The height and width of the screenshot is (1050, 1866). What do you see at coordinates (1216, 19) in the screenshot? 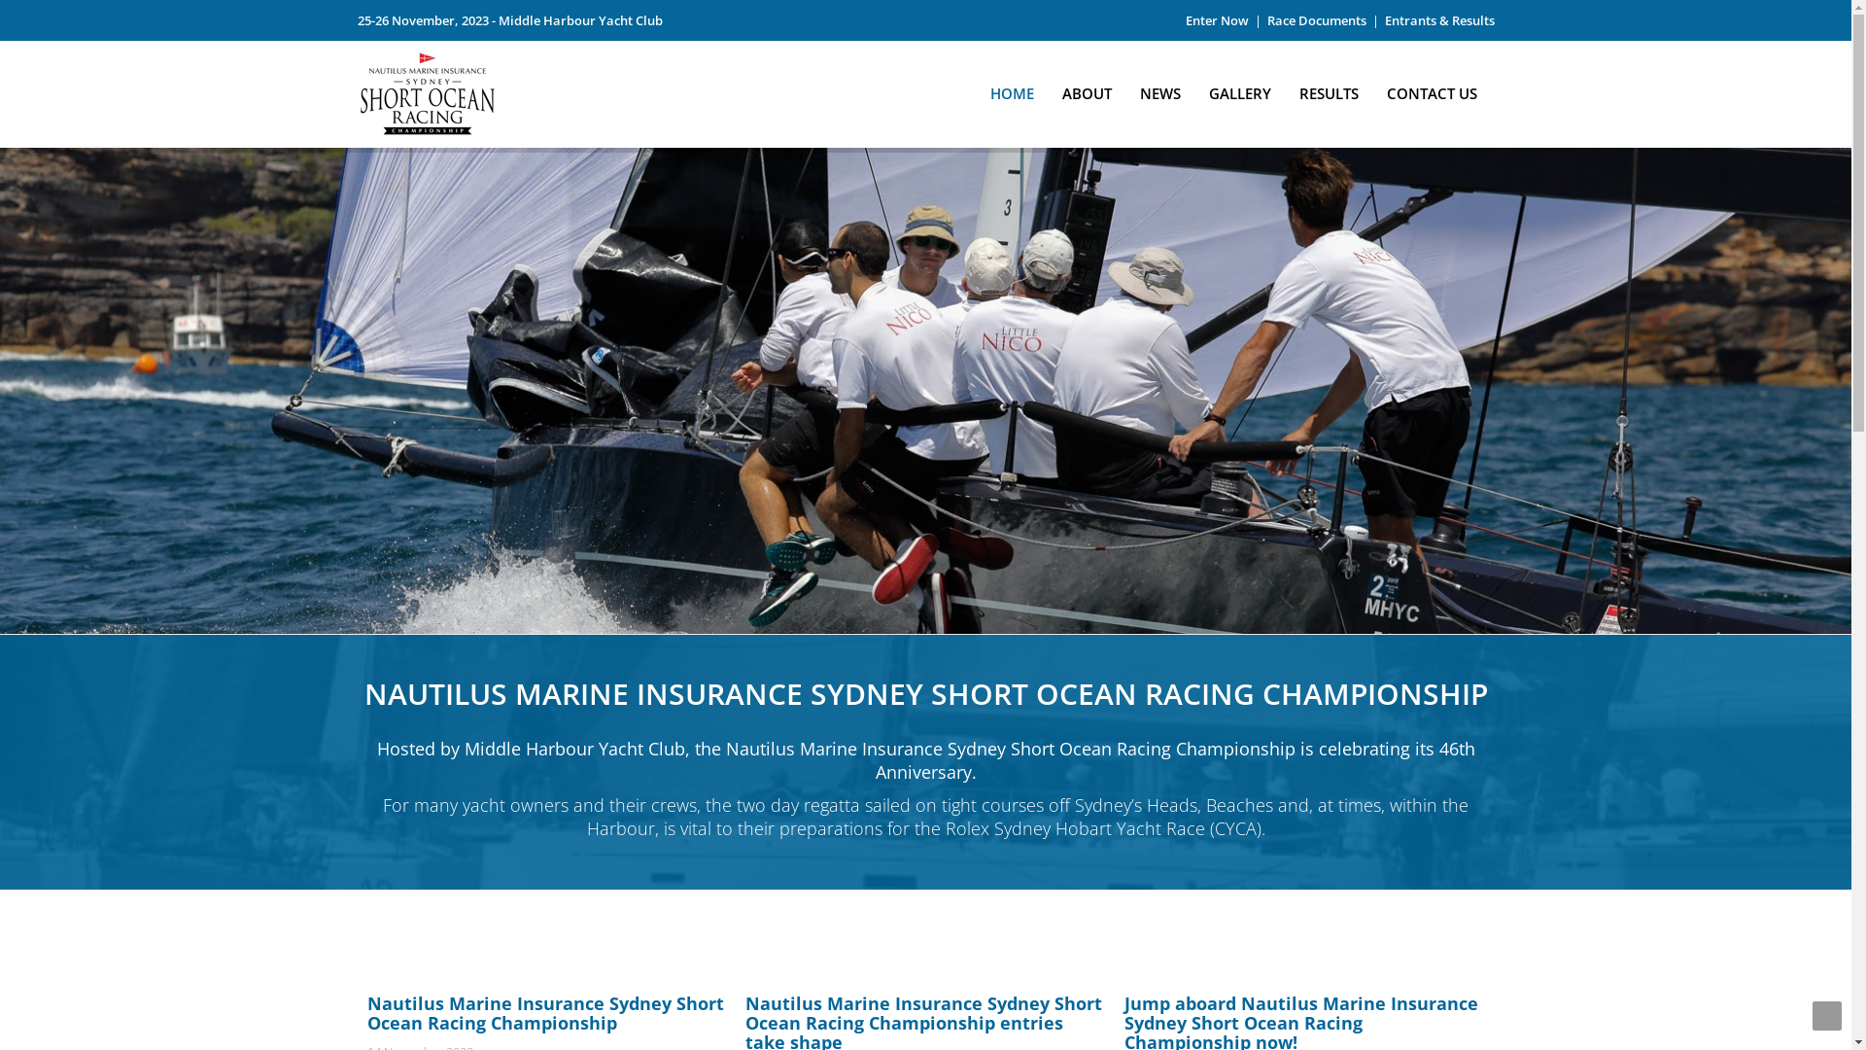
I see `'Enter Now'` at bounding box center [1216, 19].